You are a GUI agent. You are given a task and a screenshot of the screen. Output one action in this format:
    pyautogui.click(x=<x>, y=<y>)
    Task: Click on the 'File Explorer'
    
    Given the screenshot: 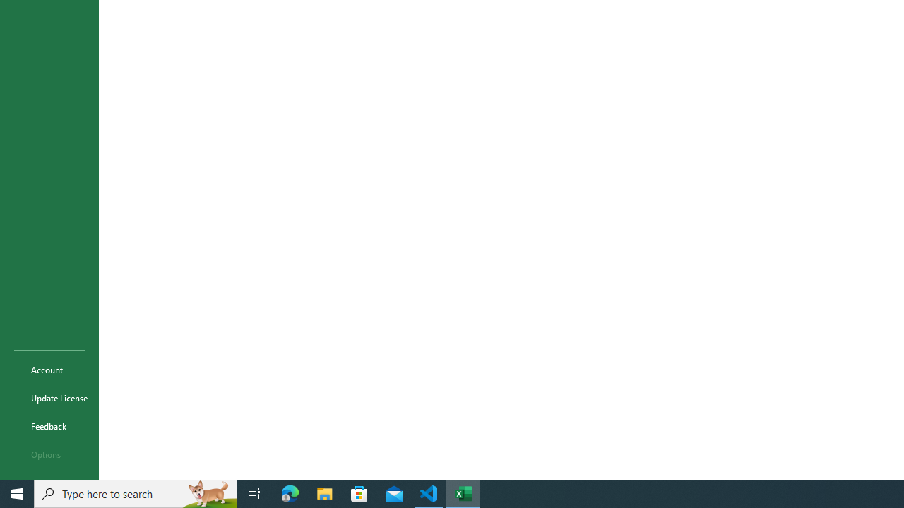 What is the action you would take?
    pyautogui.click(x=324, y=492)
    